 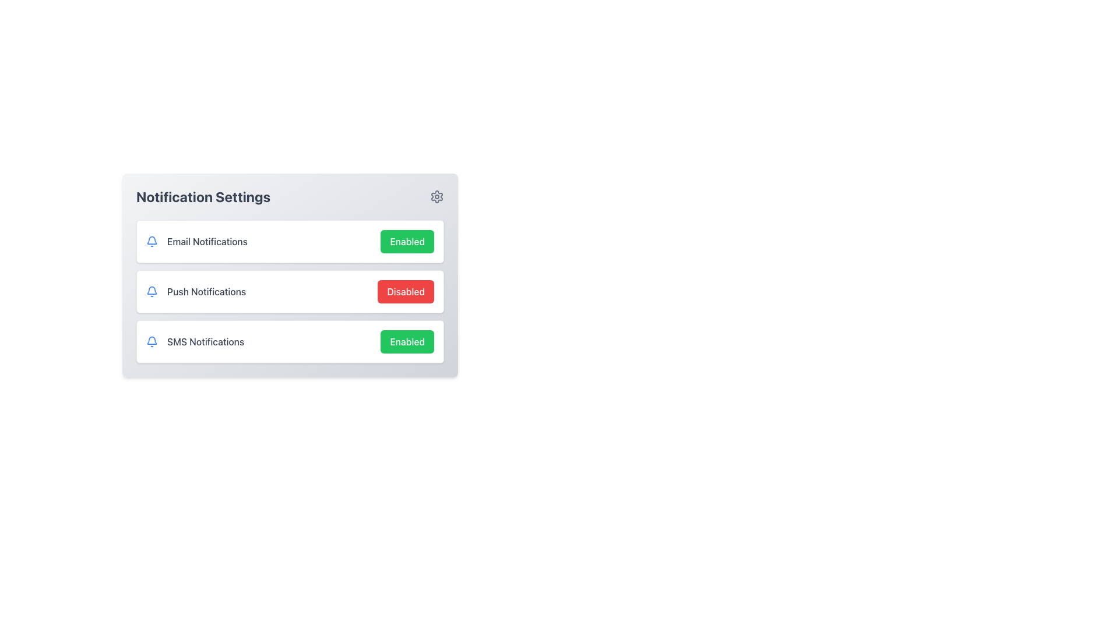 What do you see at coordinates (151, 241) in the screenshot?
I see `the notification icon that serves as a visual indicator for notification-related settings, located to the far left of the 'Email Notifications' text` at bounding box center [151, 241].